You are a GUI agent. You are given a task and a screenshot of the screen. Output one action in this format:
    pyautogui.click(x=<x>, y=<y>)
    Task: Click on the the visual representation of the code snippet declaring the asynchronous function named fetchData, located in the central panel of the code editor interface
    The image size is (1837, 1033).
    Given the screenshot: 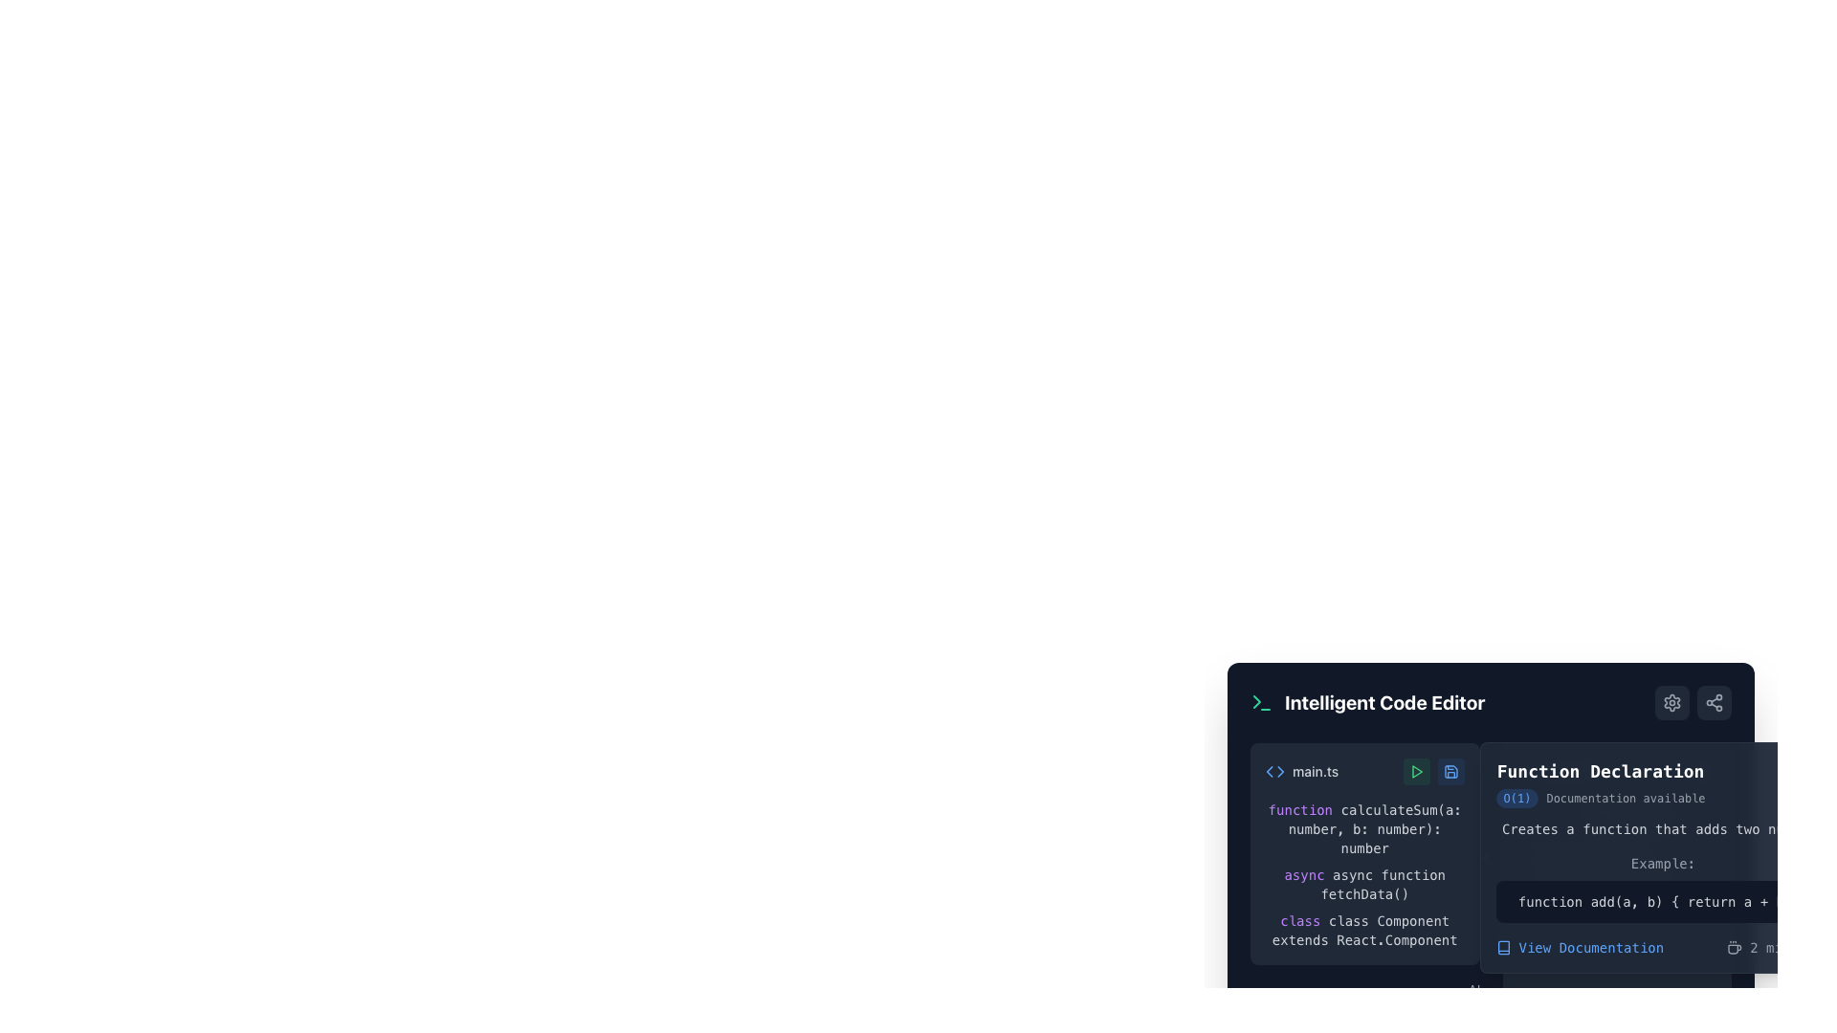 What is the action you would take?
    pyautogui.click(x=1363, y=885)
    